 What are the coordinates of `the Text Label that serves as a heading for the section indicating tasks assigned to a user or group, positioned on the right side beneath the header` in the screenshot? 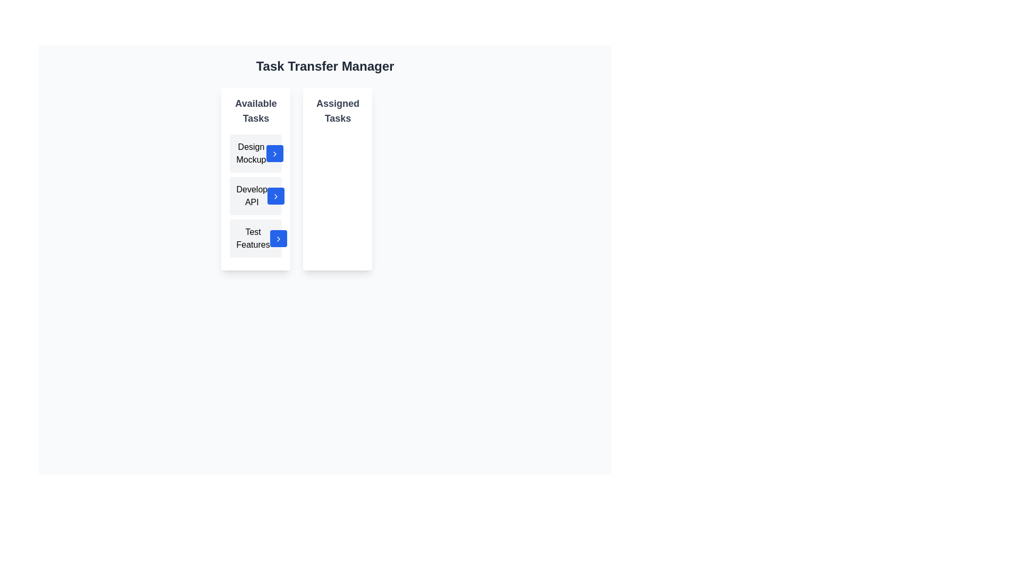 It's located at (337, 111).